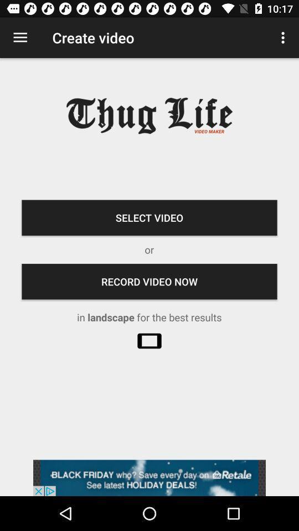 This screenshot has height=531, width=299. What do you see at coordinates (149, 477) in the screenshot?
I see `advertisement page` at bounding box center [149, 477].